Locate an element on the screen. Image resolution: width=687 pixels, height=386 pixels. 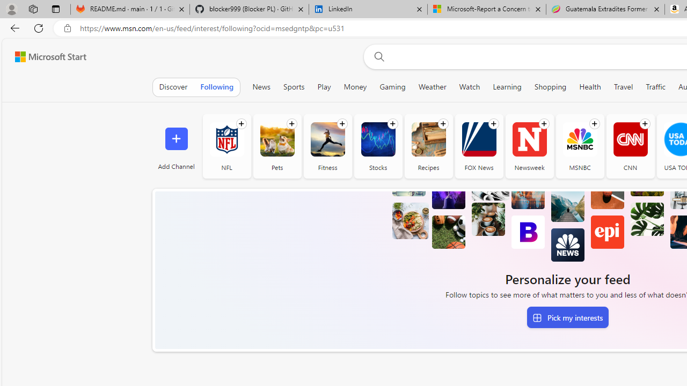
'Shopping' is located at coordinates (550, 86).